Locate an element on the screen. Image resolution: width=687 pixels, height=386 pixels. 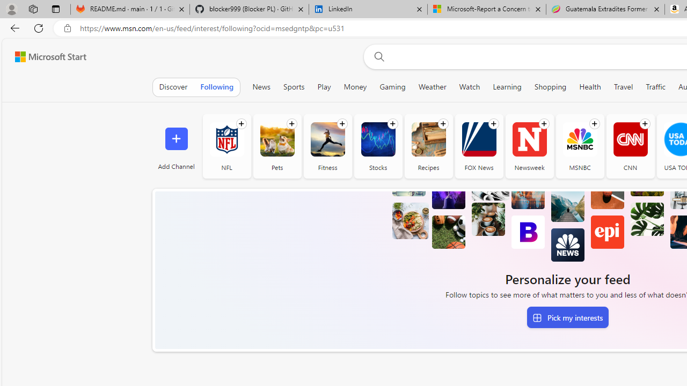
'Shopping' is located at coordinates (550, 86).